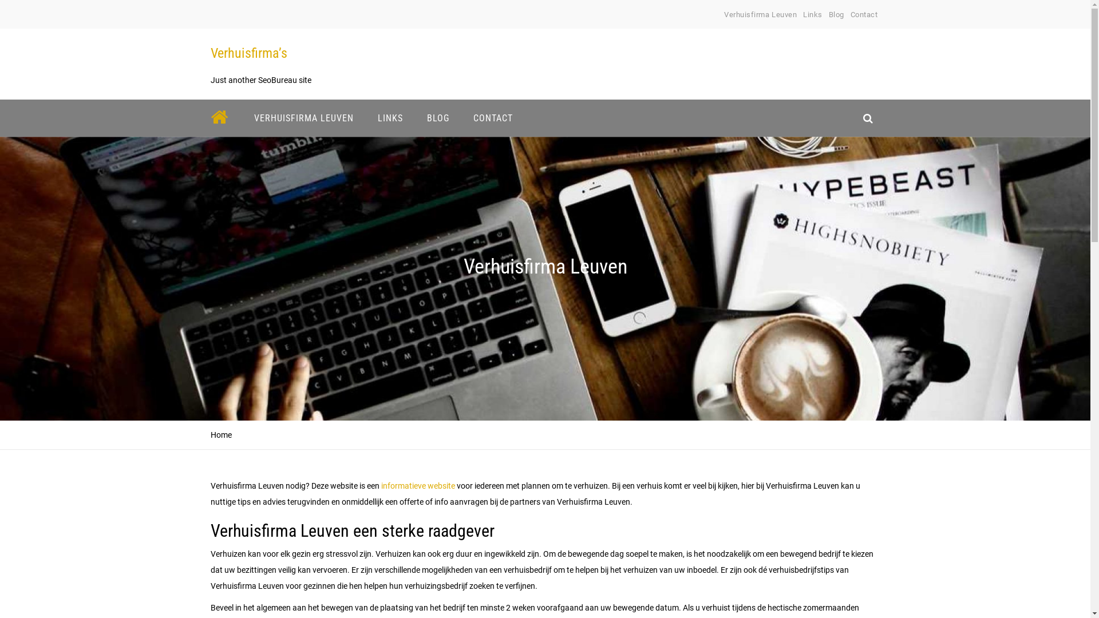  What do you see at coordinates (864, 14) in the screenshot?
I see `'Contact'` at bounding box center [864, 14].